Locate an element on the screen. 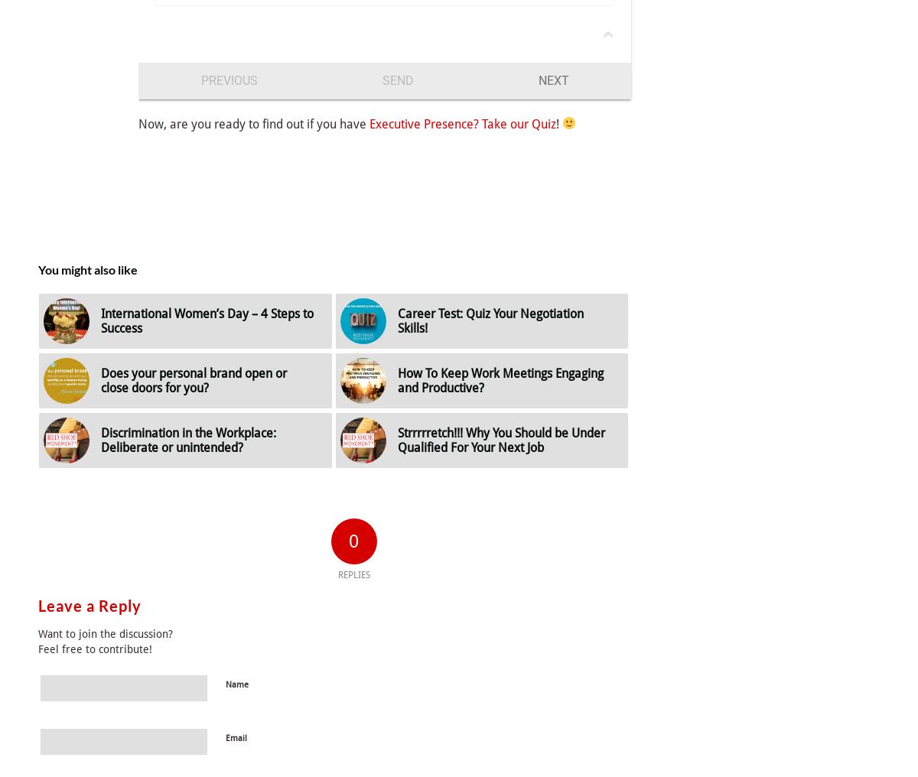  'Email' is located at coordinates (236, 737).